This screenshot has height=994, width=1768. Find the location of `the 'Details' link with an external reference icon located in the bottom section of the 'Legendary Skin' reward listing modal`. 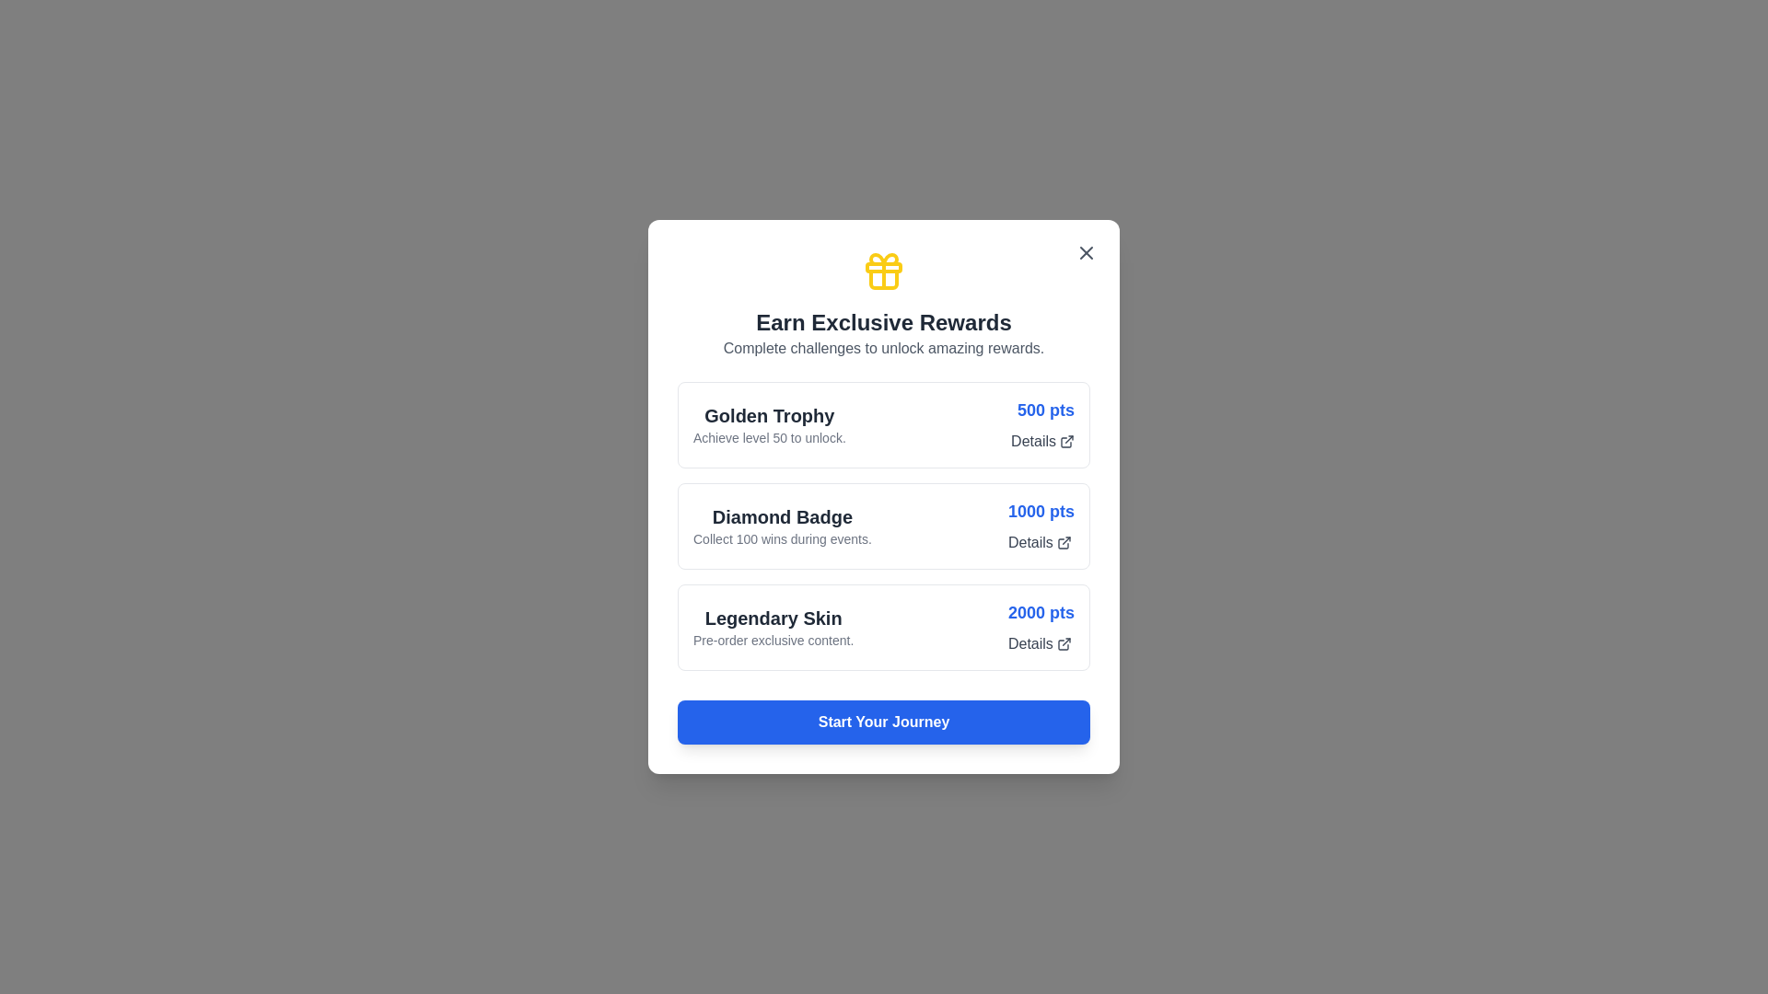

the 'Details' link with an external reference icon located in the bottom section of the 'Legendary Skin' reward listing modal is located at coordinates (1040, 642).